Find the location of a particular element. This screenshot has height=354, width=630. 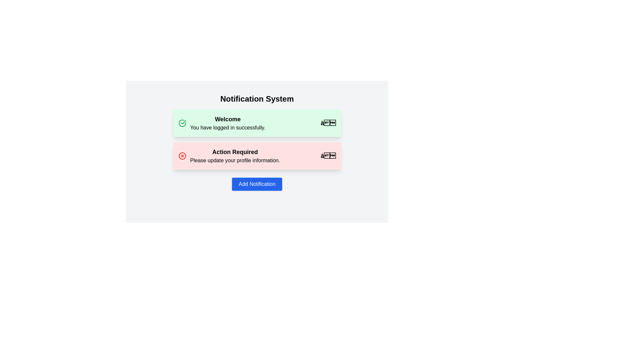

the first notification card with a light green background that displays a title 'Welcome' and a message 'You have logged in successfully.' is located at coordinates (257, 123).